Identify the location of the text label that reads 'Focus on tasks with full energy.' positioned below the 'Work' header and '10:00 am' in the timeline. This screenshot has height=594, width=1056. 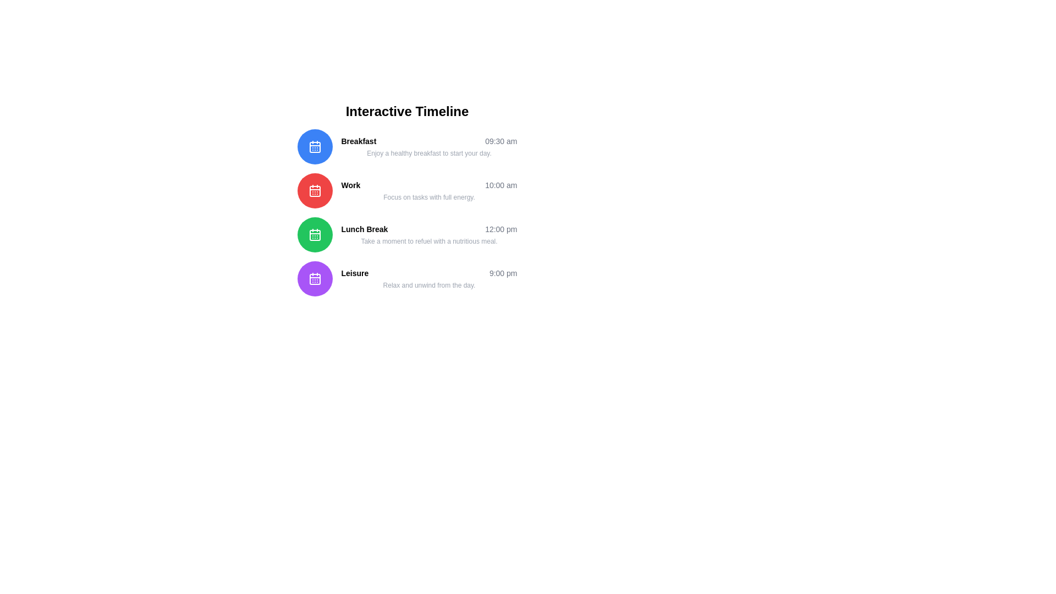
(428, 196).